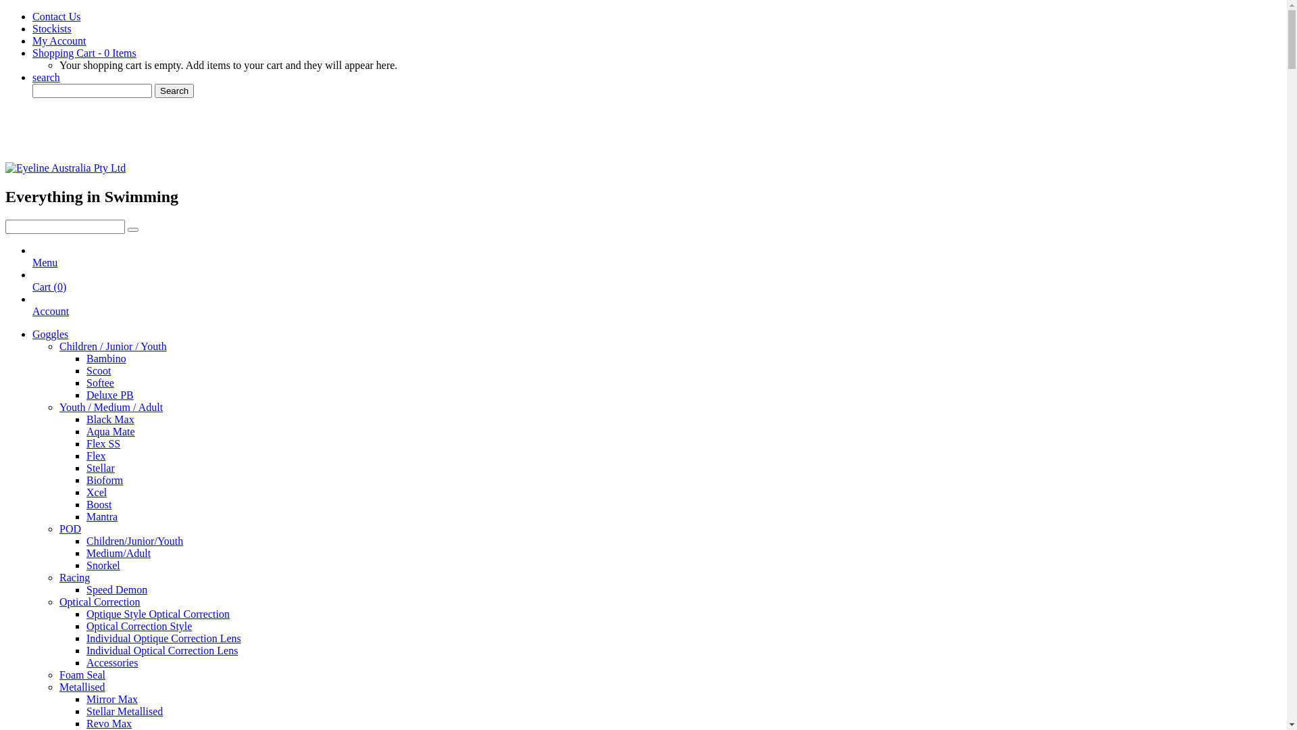 The image size is (1297, 730). Describe the element at coordinates (51, 28) in the screenshot. I see `'Stockists'` at that location.